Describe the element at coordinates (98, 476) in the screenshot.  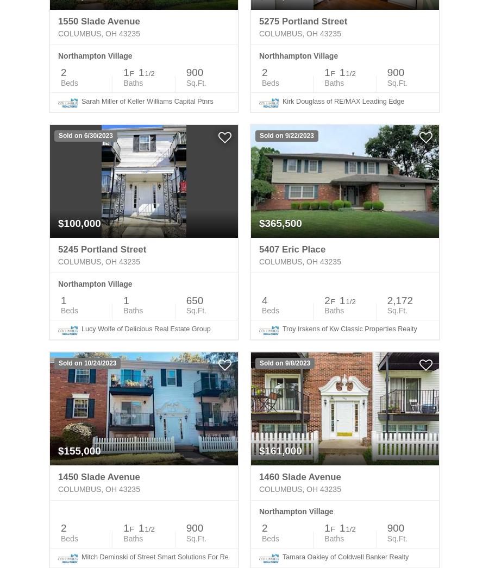
I see `'1450 Slade Avenue'` at that location.